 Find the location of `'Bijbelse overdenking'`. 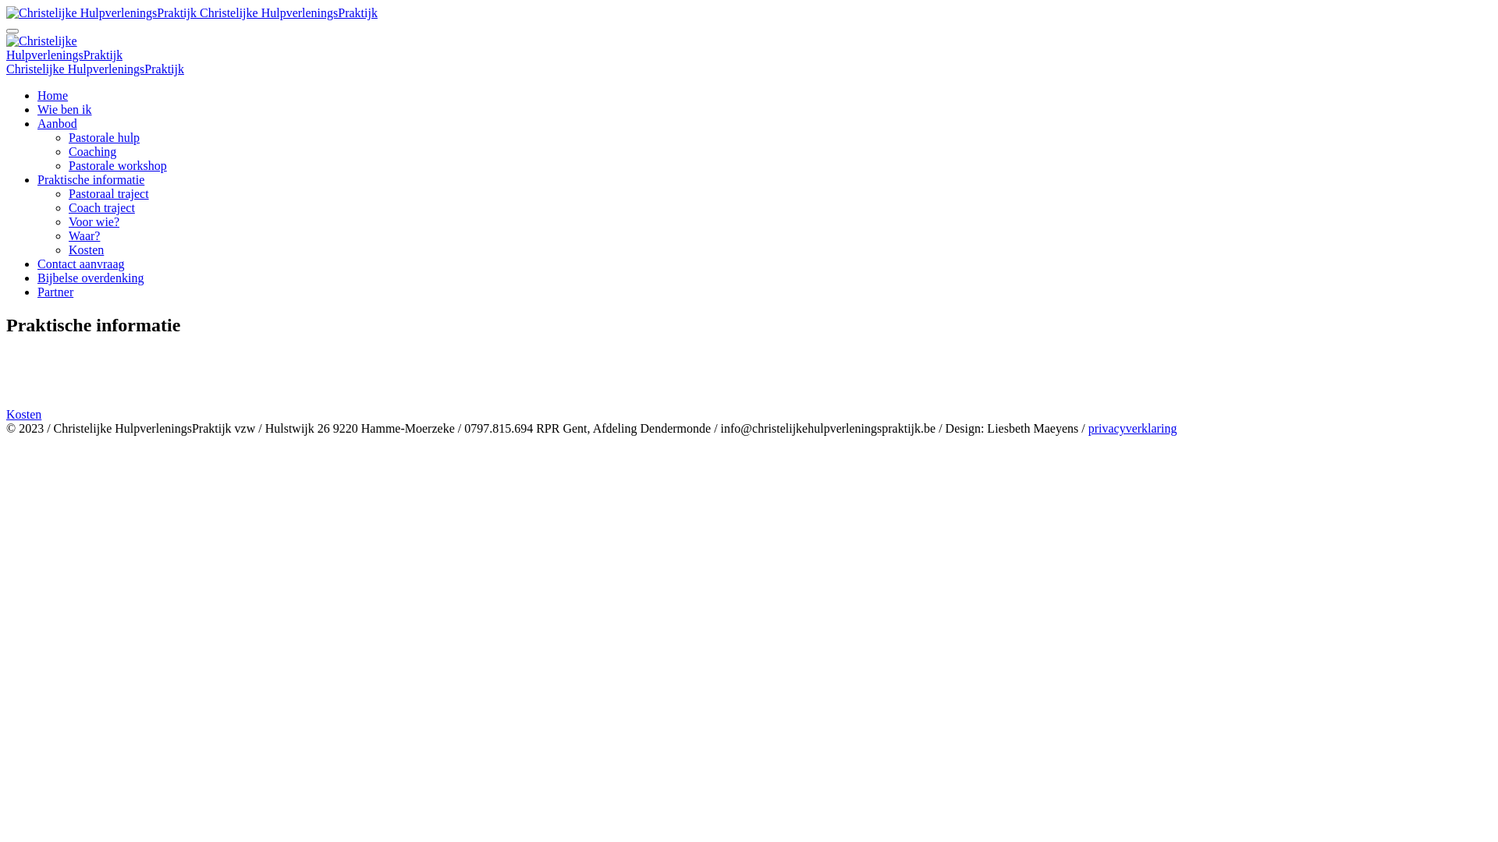

'Bijbelse overdenking' is located at coordinates (89, 277).